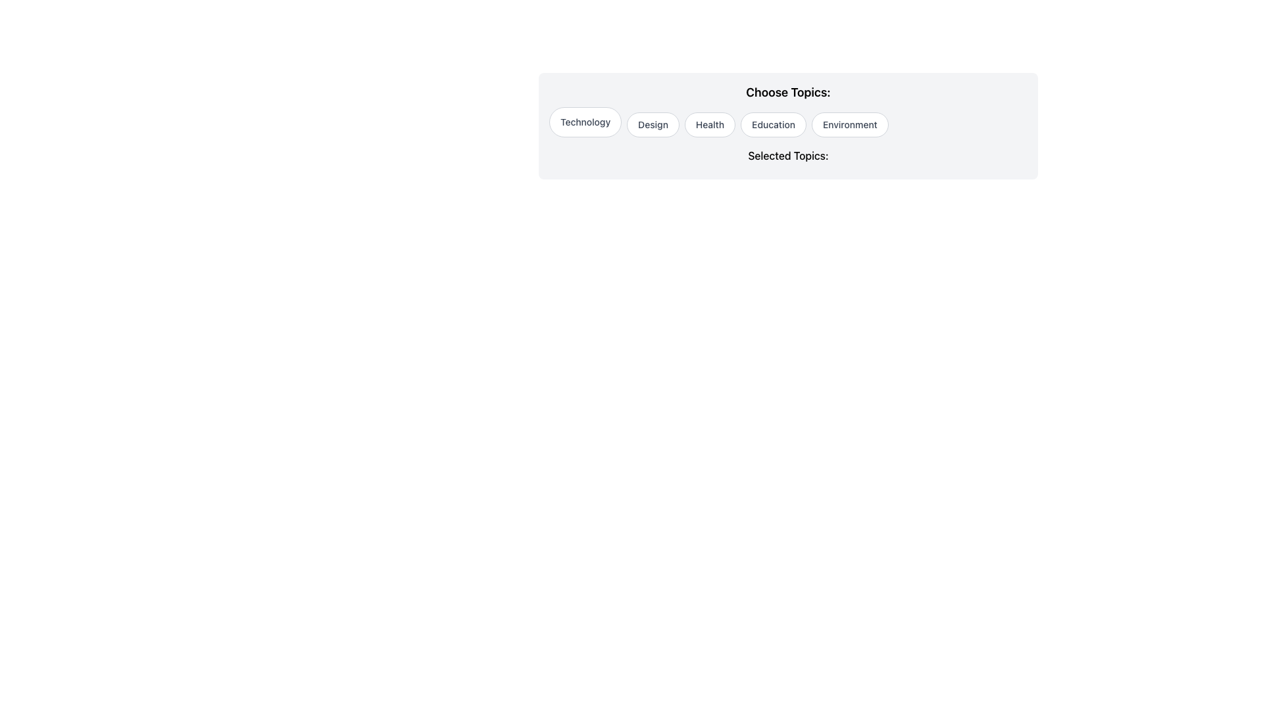 This screenshot has width=1263, height=710. What do you see at coordinates (774, 124) in the screenshot?
I see `the 'Education' pill-shaped button with a white background and gray text` at bounding box center [774, 124].